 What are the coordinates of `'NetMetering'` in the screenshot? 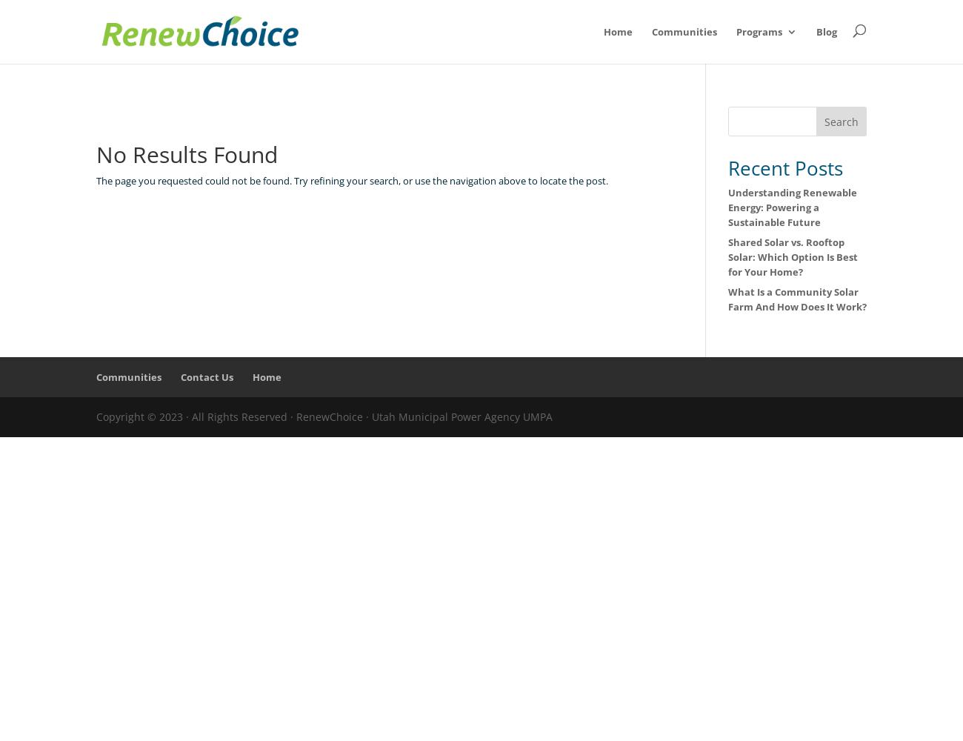 It's located at (798, 187).